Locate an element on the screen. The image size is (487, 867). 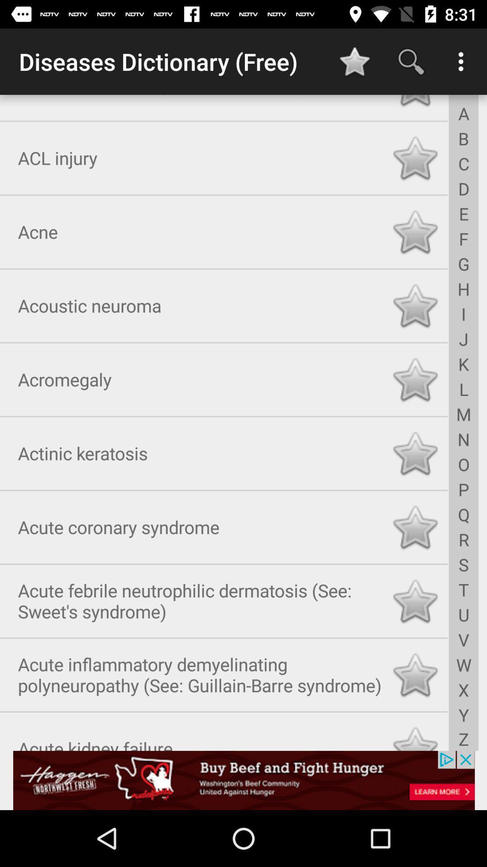
click star to favorite is located at coordinates (415, 599).